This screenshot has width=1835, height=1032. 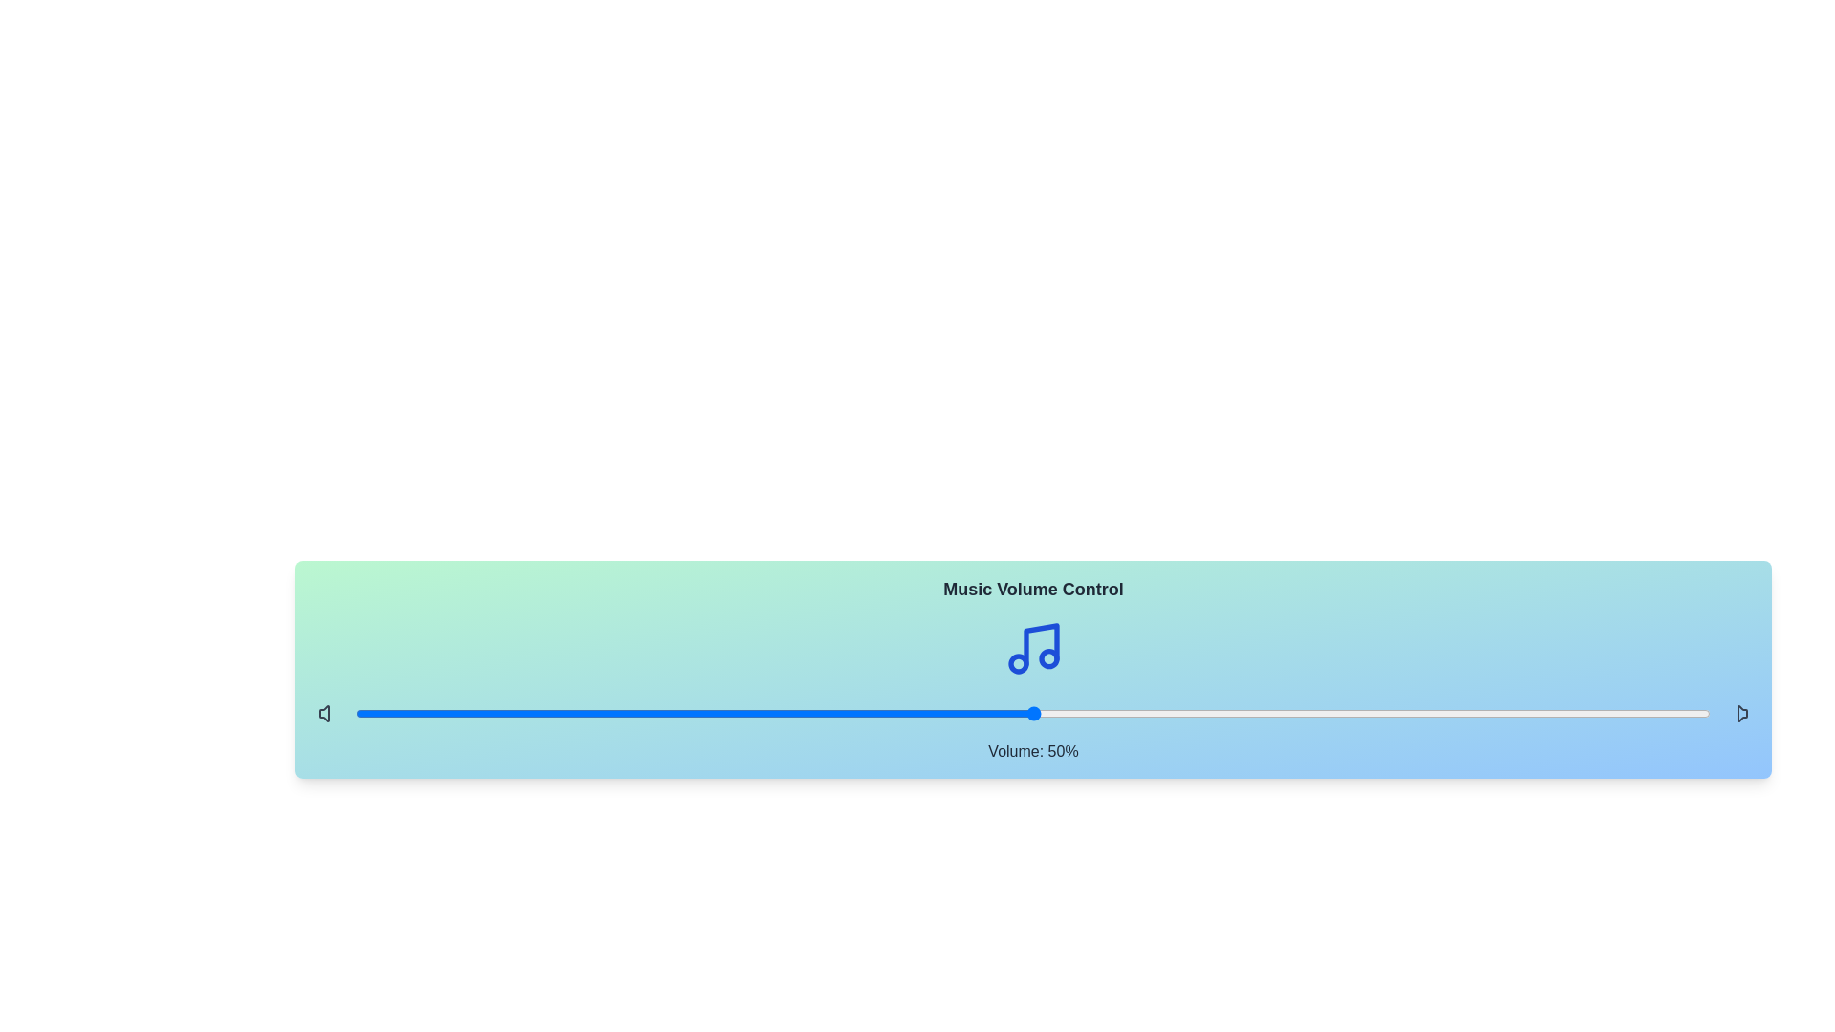 What do you see at coordinates (1575, 714) in the screenshot?
I see `the volume slider to 90%` at bounding box center [1575, 714].